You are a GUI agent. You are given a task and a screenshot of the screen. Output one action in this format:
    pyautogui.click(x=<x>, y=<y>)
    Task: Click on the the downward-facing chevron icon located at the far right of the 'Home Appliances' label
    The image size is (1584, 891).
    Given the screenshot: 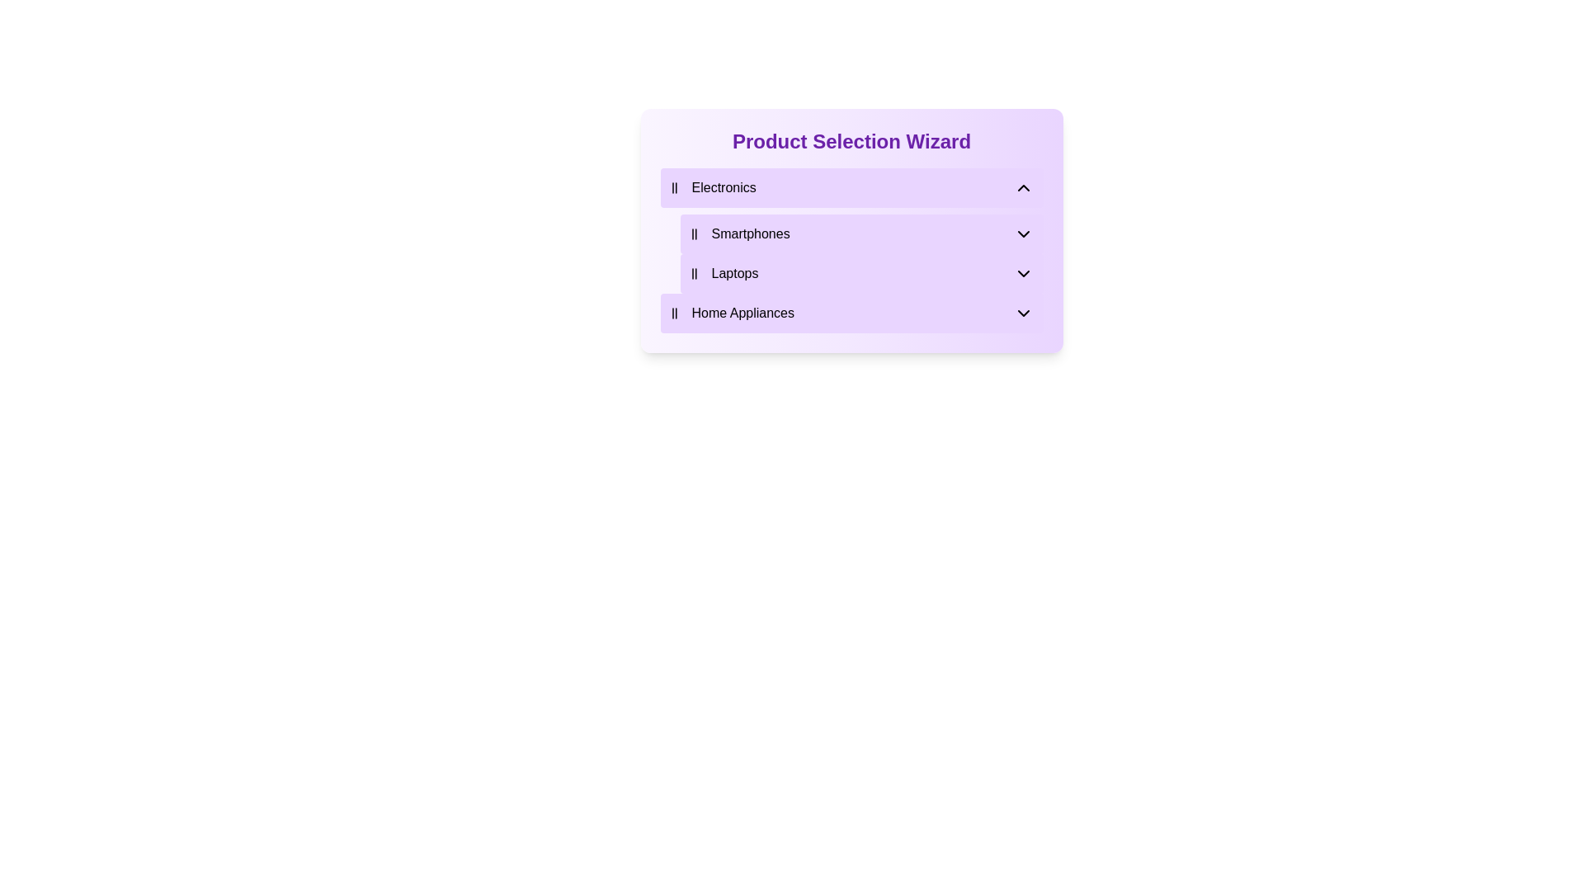 What is the action you would take?
    pyautogui.click(x=1022, y=313)
    